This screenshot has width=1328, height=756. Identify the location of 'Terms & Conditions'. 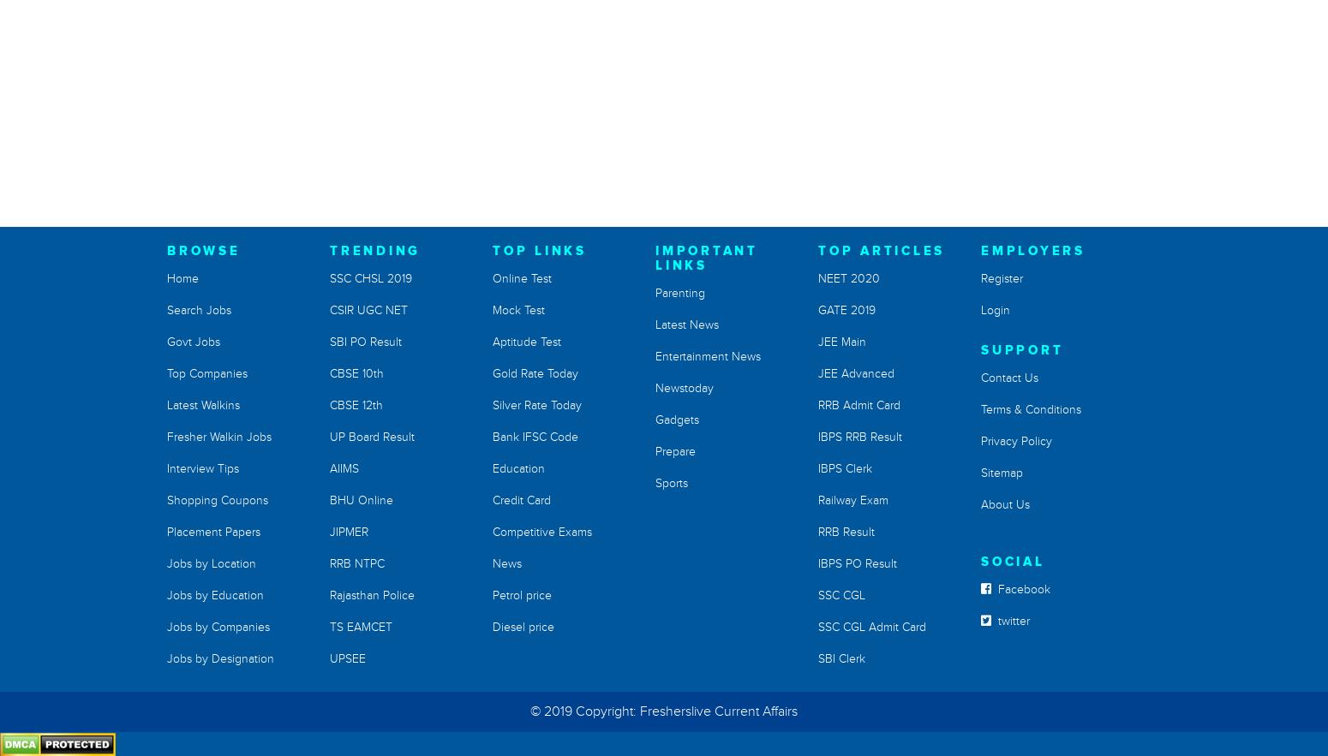
(1031, 409).